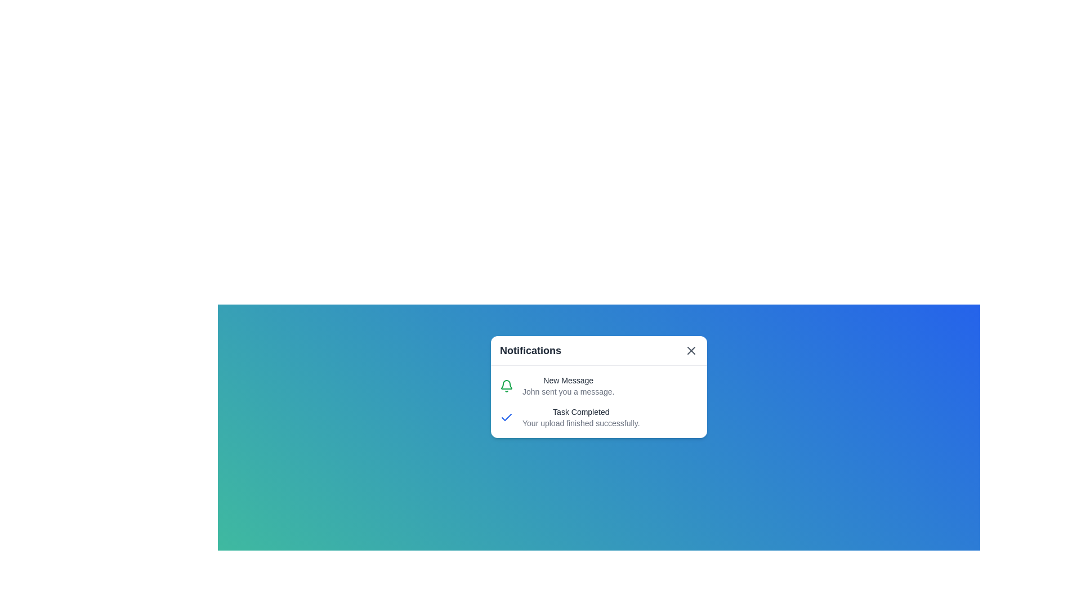  Describe the element at coordinates (598, 386) in the screenshot. I see `notification details from the first notification item in the notification card that informs about a new message sent by 'John.'` at that location.